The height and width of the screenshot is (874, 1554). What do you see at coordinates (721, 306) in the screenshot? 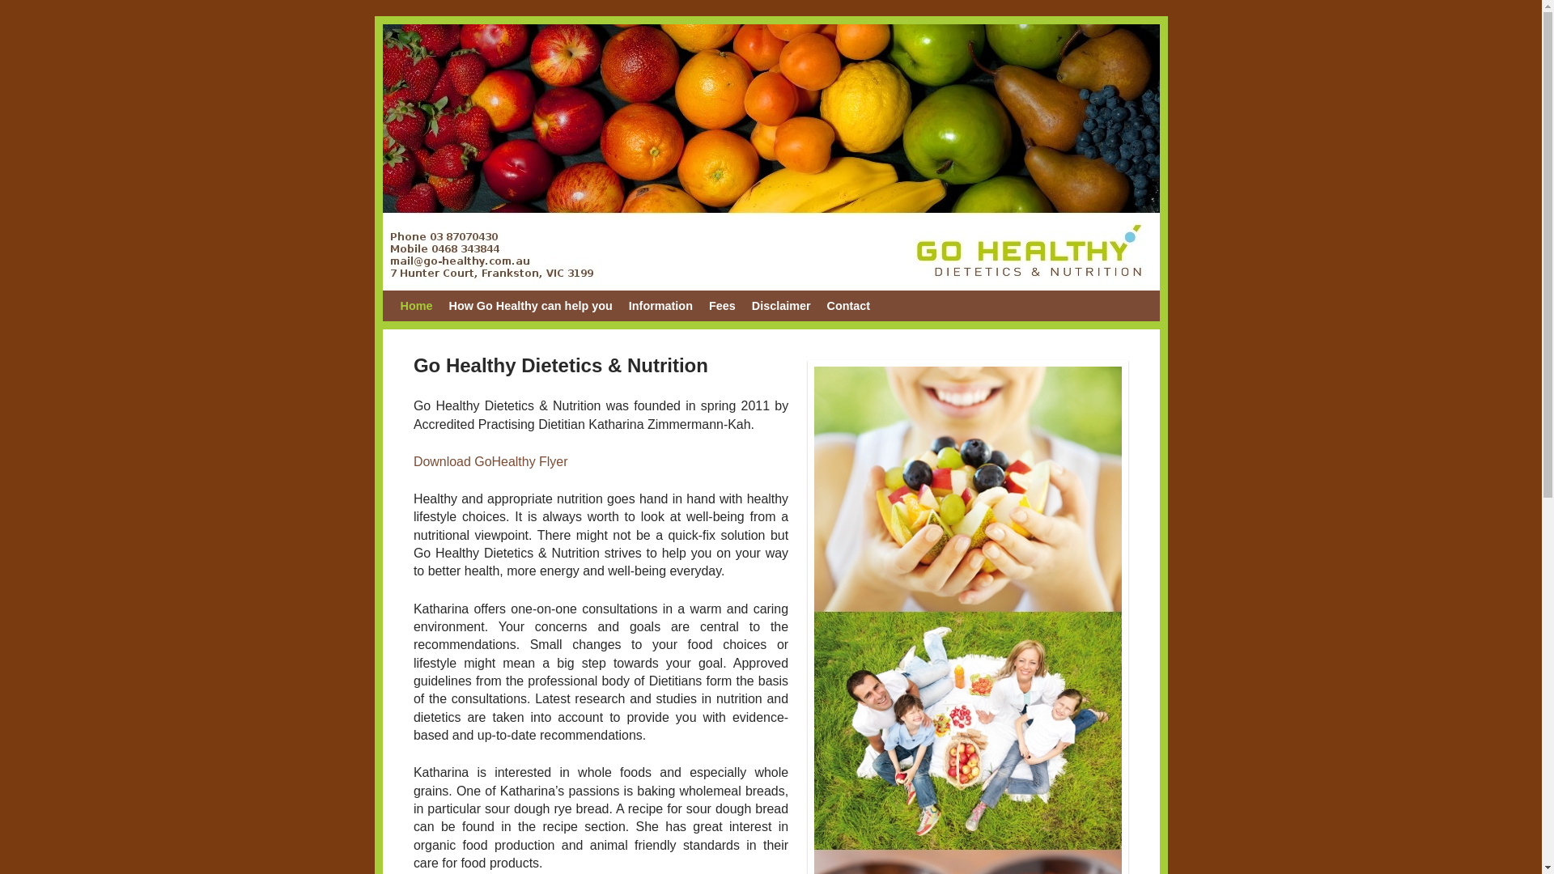
I see `'Fees'` at bounding box center [721, 306].